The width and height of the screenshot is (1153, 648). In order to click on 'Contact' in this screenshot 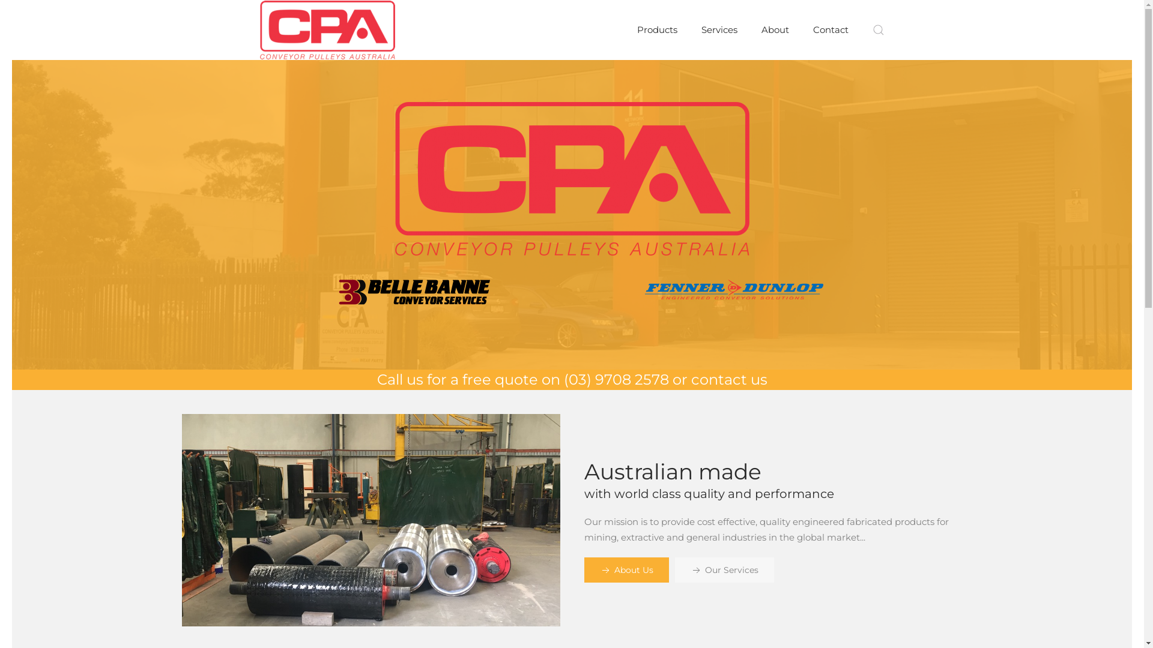, I will do `click(830, 29)`.